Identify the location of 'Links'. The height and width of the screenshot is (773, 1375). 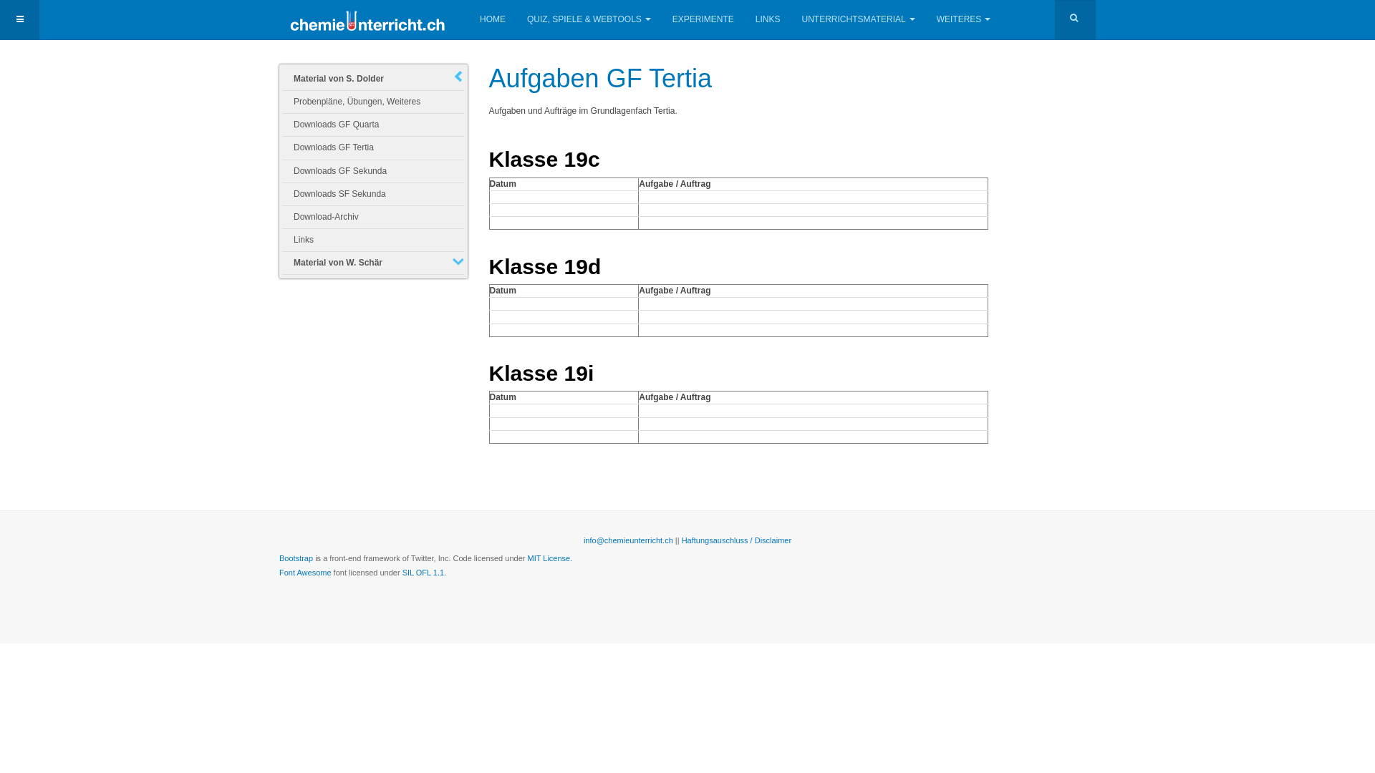
(373, 239).